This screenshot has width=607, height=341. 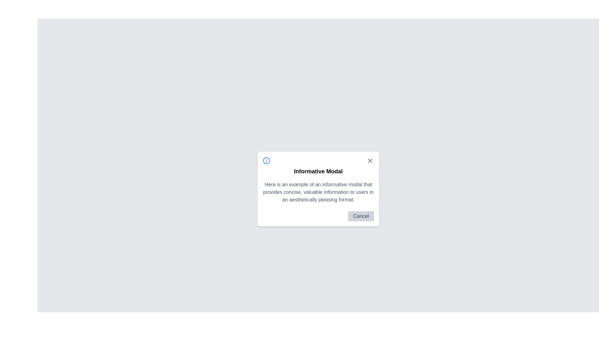 I want to click on the 'Informative Modal' text label displayed in bold within the modal window, so click(x=318, y=171).